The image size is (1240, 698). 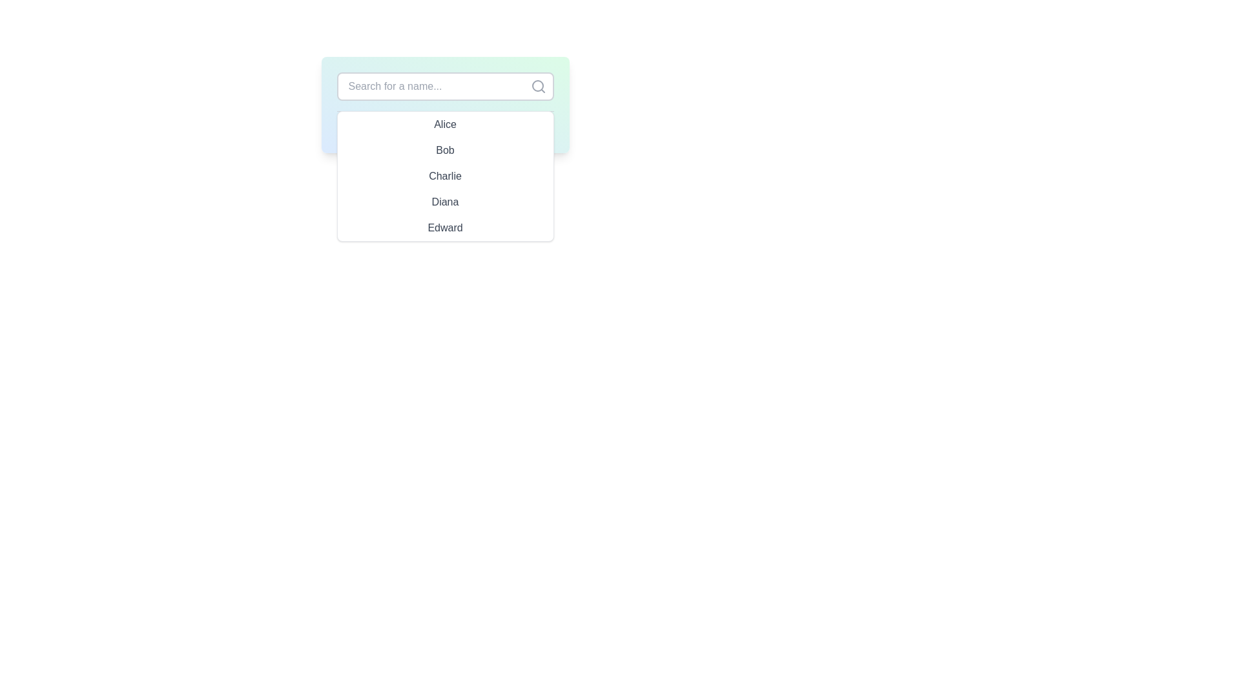 I want to click on the text item 'Charlie' within the dropdown menu, which is the third option styled with light gray text, so click(x=445, y=176).